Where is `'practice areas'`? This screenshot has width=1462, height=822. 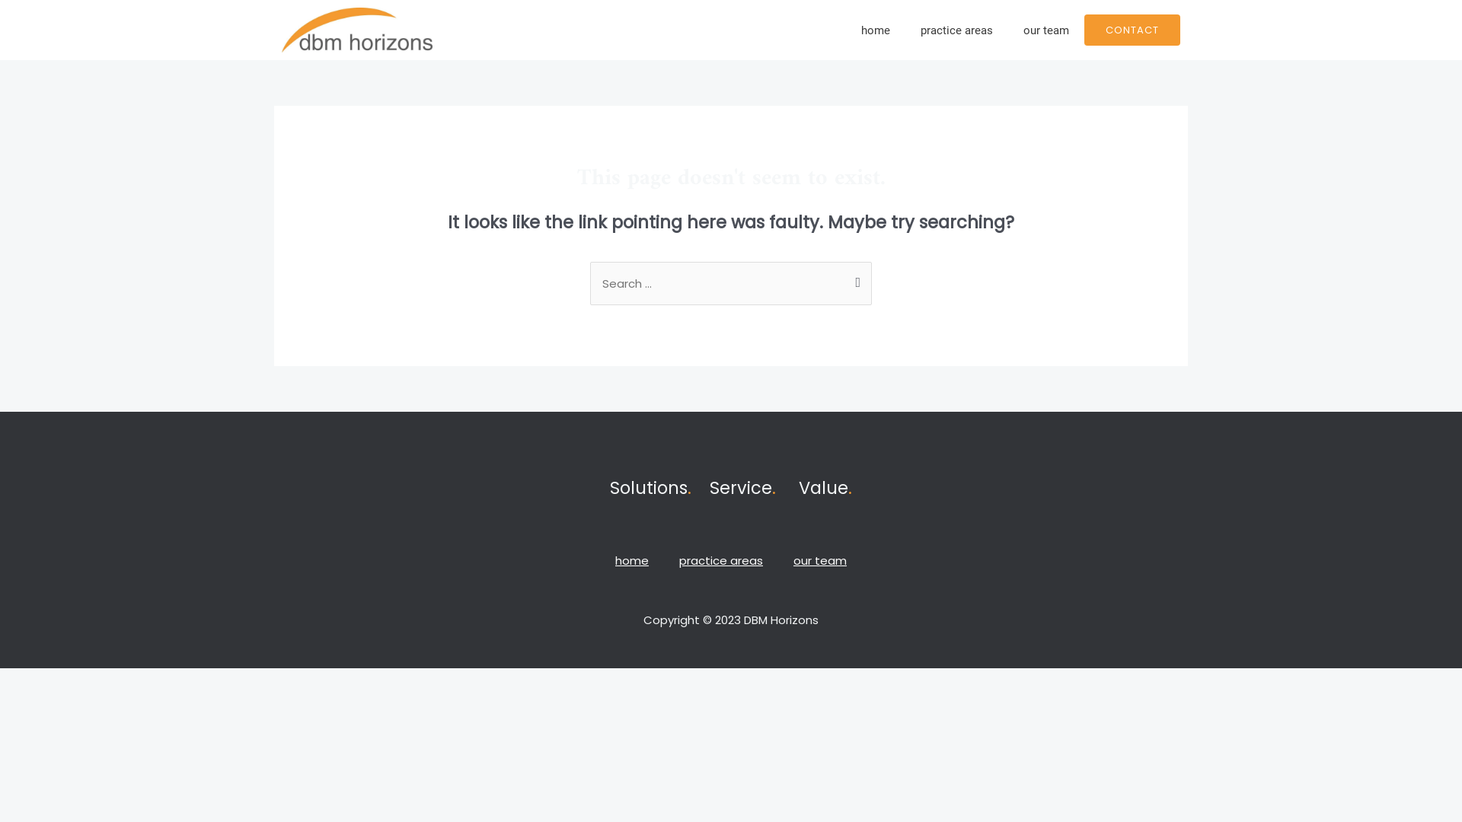
'practice areas' is located at coordinates (720, 560).